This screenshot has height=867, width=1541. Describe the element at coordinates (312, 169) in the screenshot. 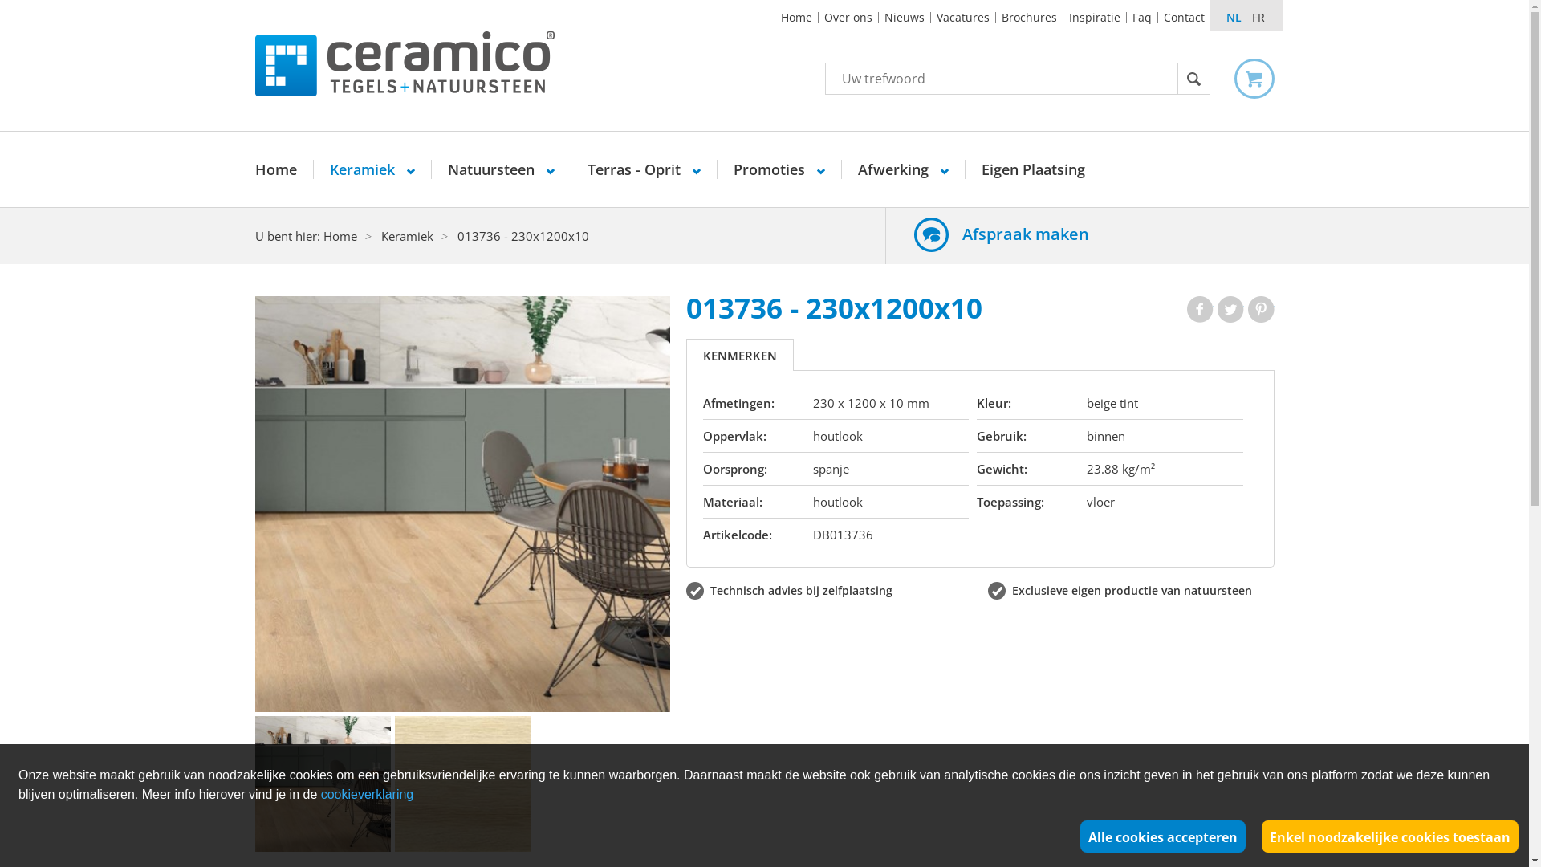

I see `'Keramiek'` at that location.